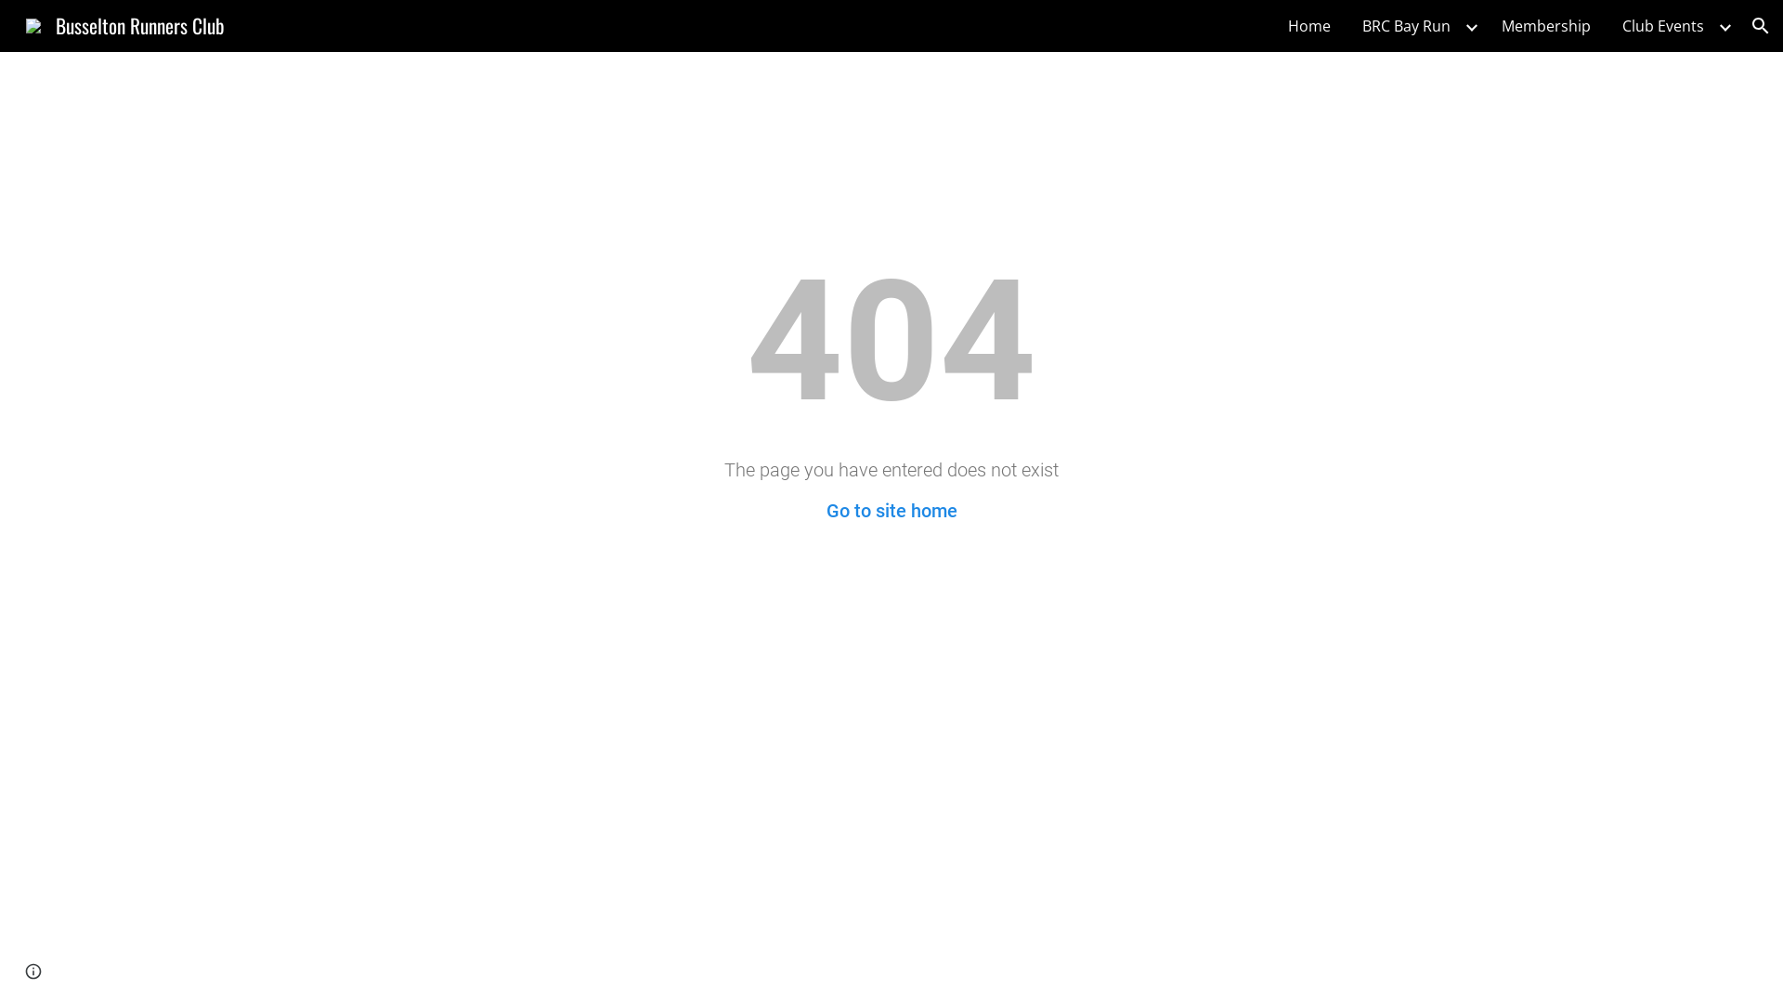 Image resolution: width=1783 pixels, height=1003 pixels. What do you see at coordinates (1406, 25) in the screenshot?
I see `'BRC Bay Run'` at bounding box center [1406, 25].